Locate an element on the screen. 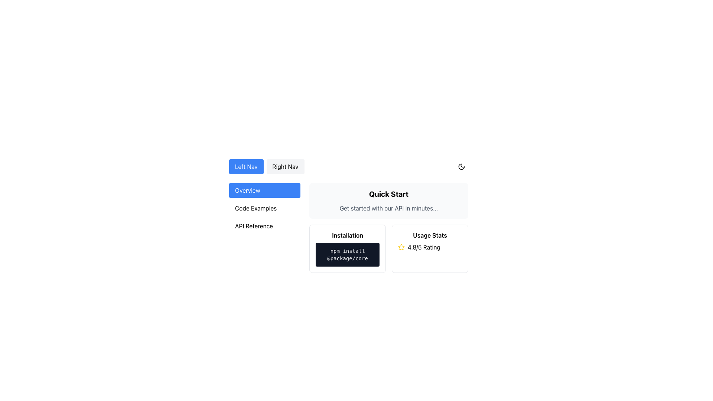  the non-interactive code snippet located within the 'Installation' card, positioned below the title 'Installation' is located at coordinates (347, 254).